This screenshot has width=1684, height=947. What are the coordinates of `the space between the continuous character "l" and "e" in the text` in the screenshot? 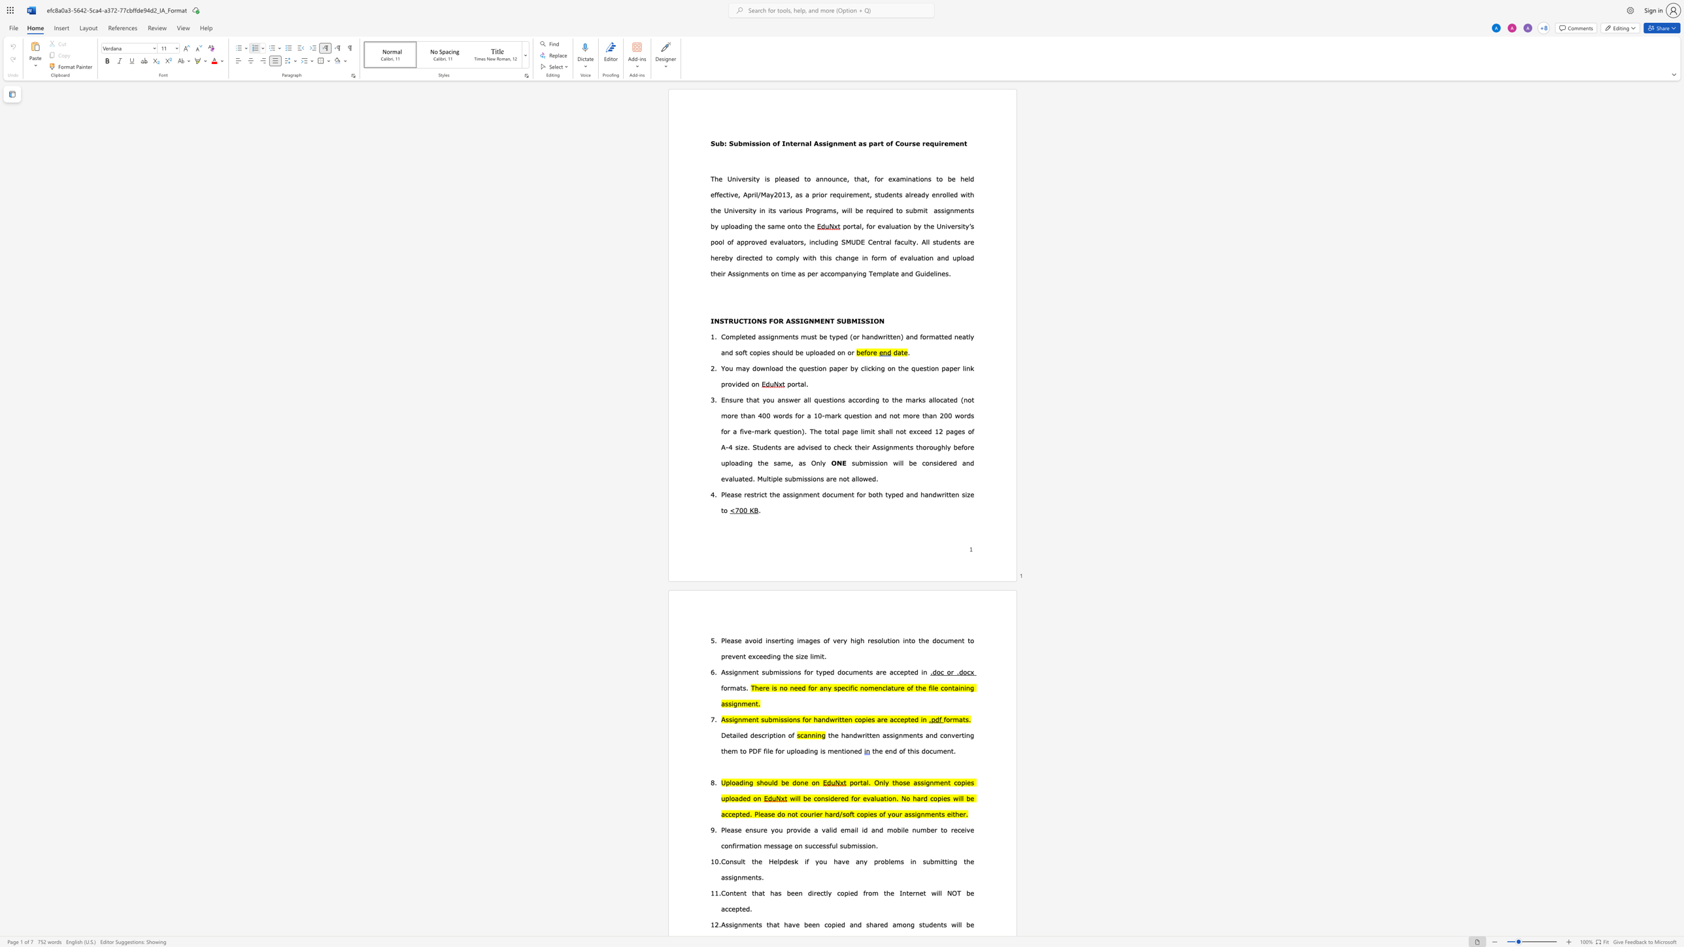 It's located at (935, 687).